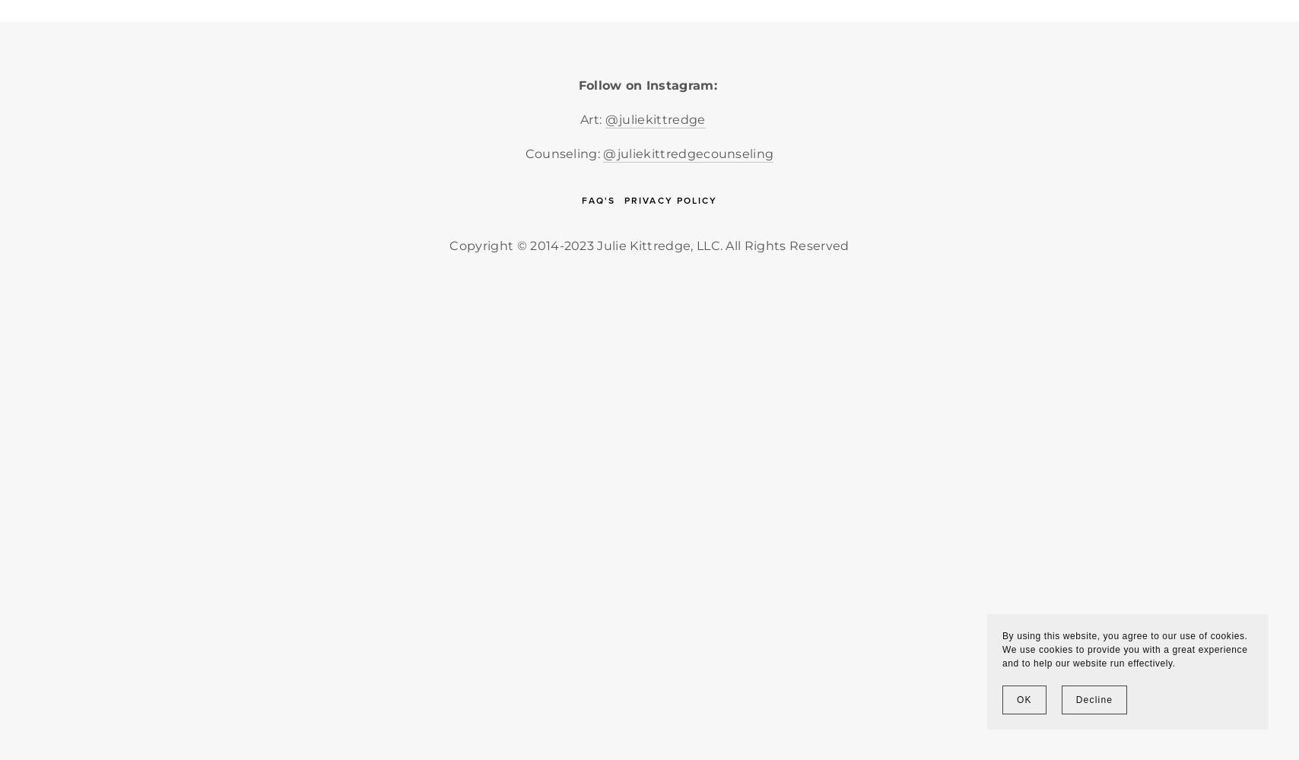 Image resolution: width=1299 pixels, height=760 pixels. What do you see at coordinates (647, 84) in the screenshot?
I see `'Follow on Instagram:'` at bounding box center [647, 84].